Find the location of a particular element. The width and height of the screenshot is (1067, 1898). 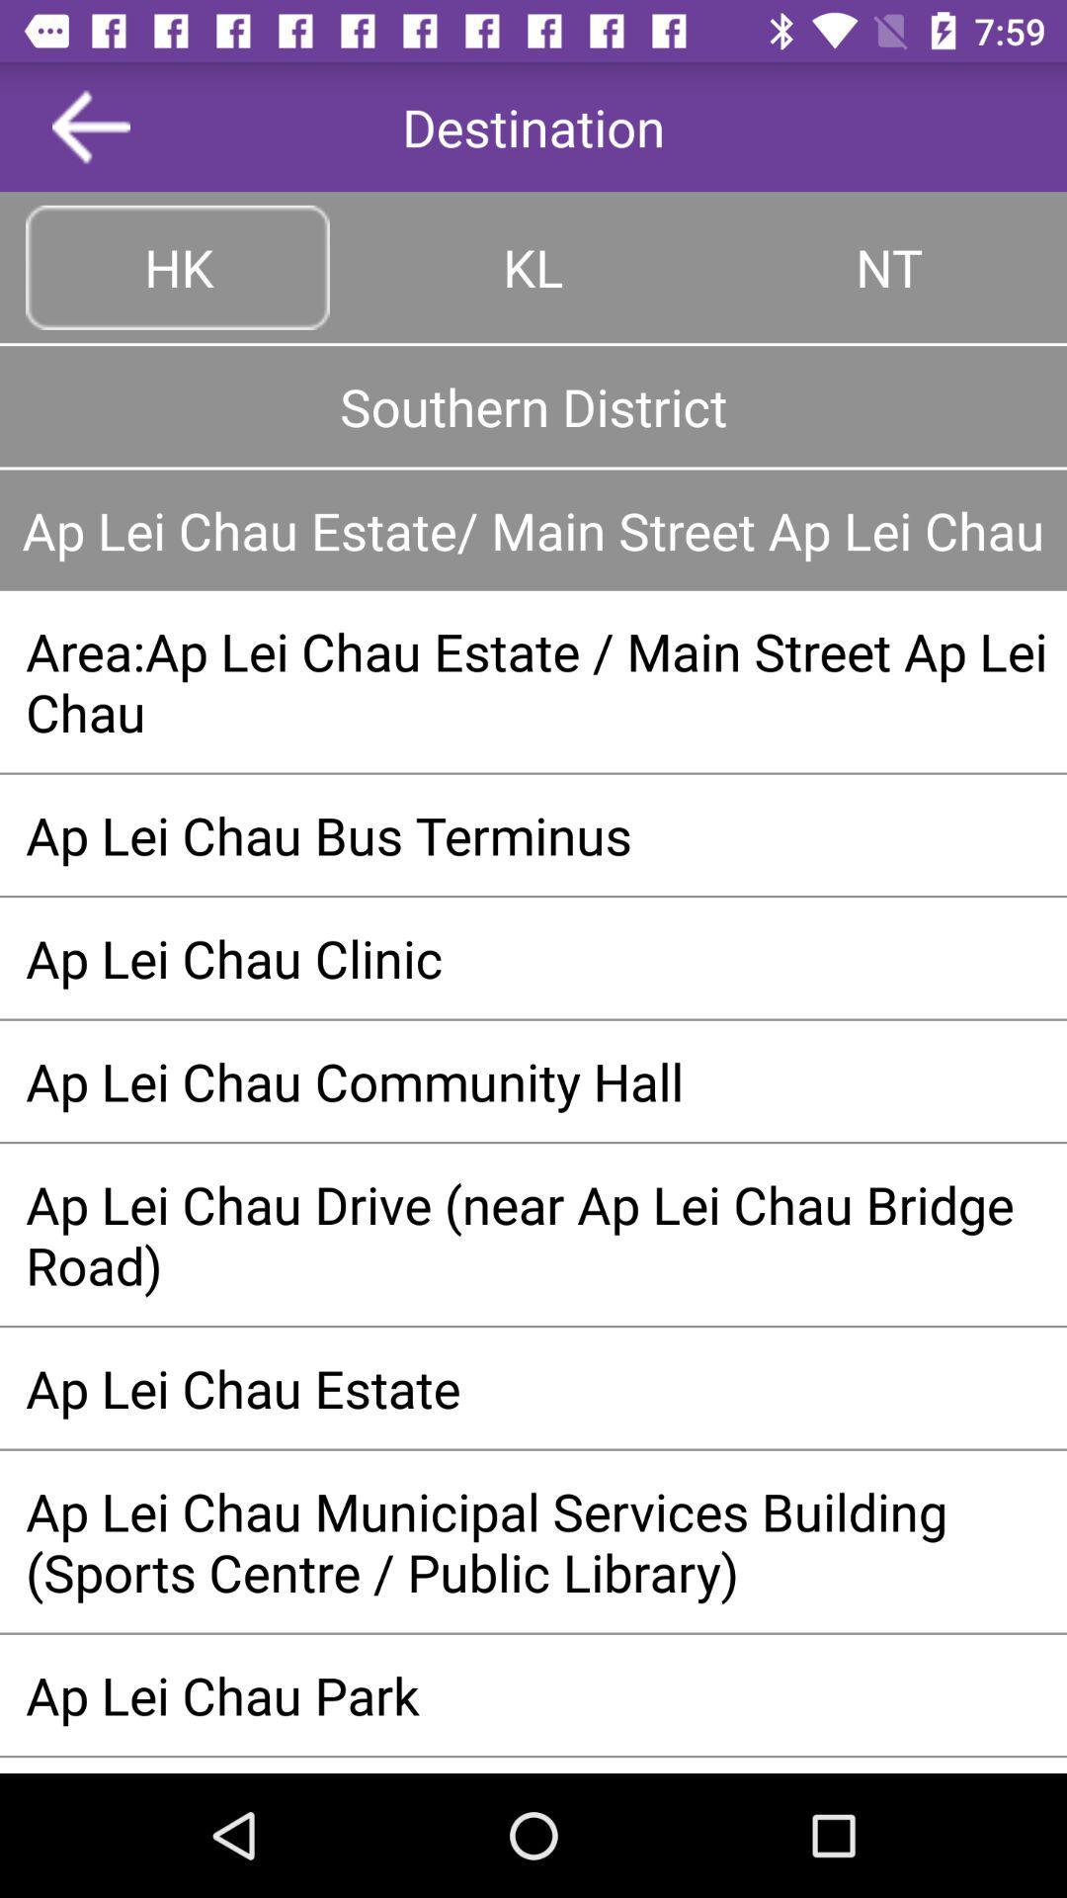

the button to the right of the hk is located at coordinates (533, 266).